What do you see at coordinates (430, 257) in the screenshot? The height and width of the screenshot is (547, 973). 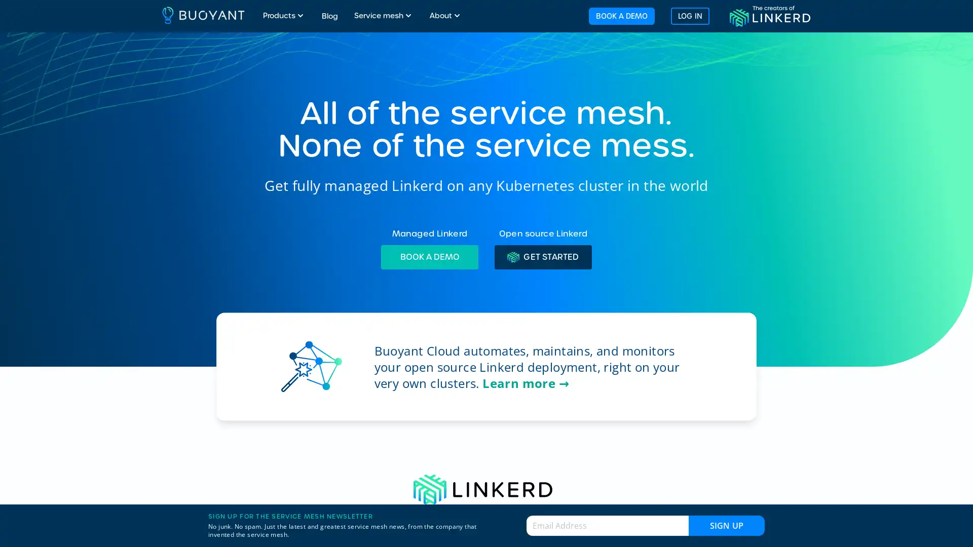 I see `BOOK A DEMO` at bounding box center [430, 257].